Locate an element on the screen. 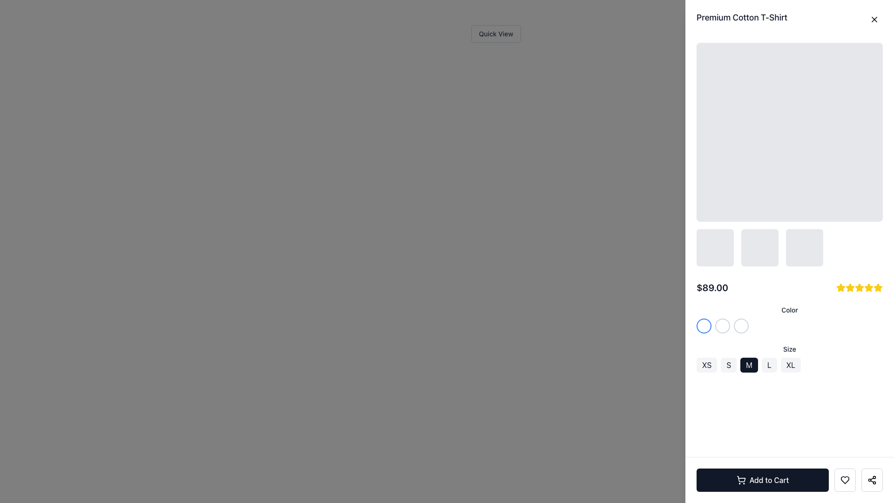 The width and height of the screenshot is (894, 503). the Close Button (an 'X' icon in the top-right corner of the modal next to 'Premium Cotton T-Shirt') is located at coordinates (874, 20).